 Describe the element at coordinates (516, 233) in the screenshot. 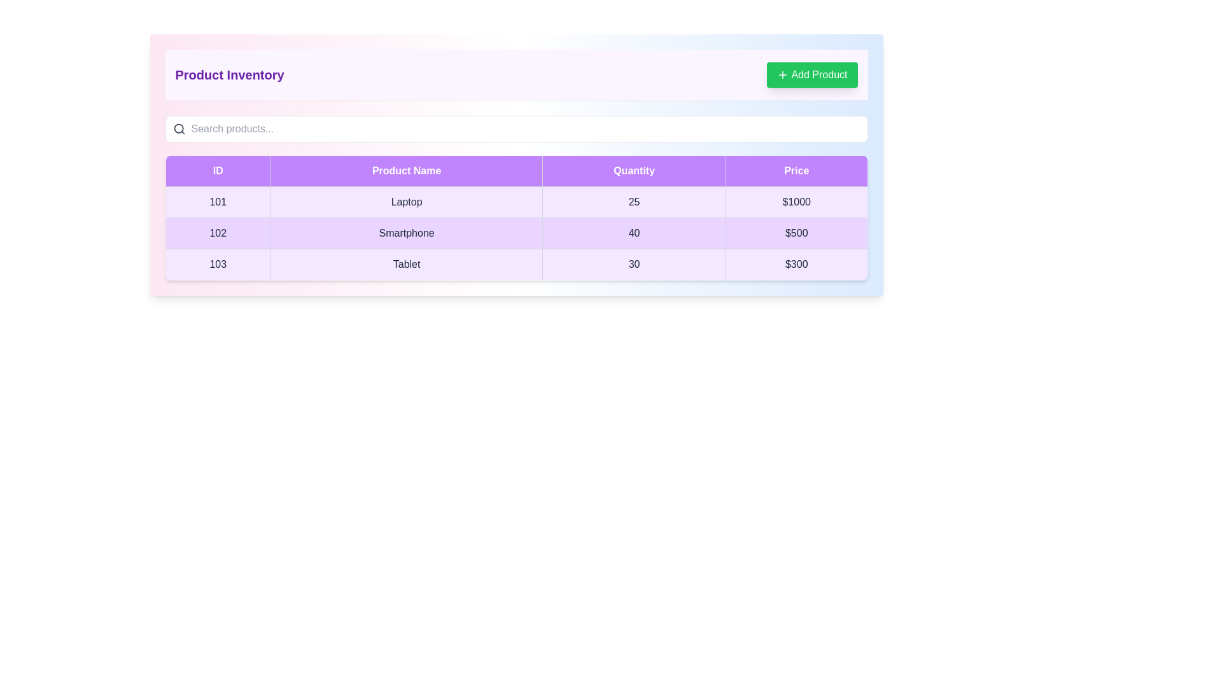

I see `inside the second table row, which has a light purple background and contains product details including ID '102', name 'Smartphone', quantity '40', and price '$500'` at that location.